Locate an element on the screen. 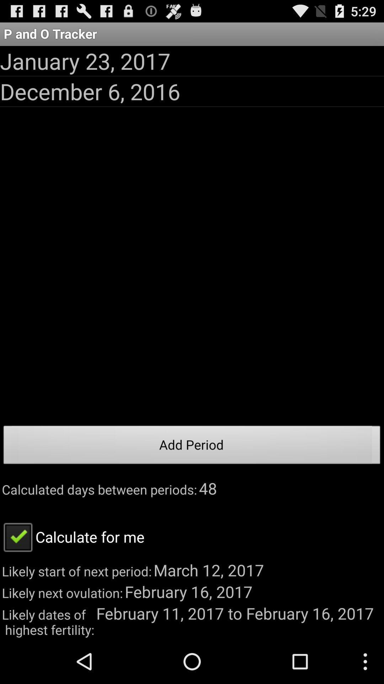  the item to the left of the march 12, 2017 item is located at coordinates (72, 537).